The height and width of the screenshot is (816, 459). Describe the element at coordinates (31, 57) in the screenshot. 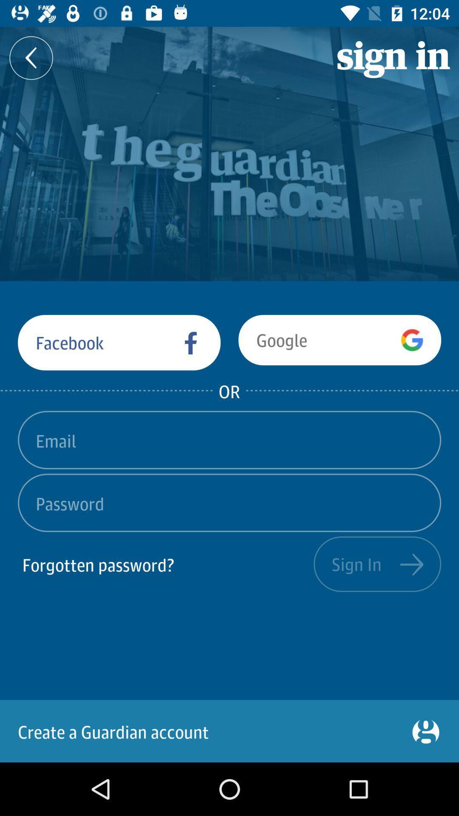

I see `go back` at that location.